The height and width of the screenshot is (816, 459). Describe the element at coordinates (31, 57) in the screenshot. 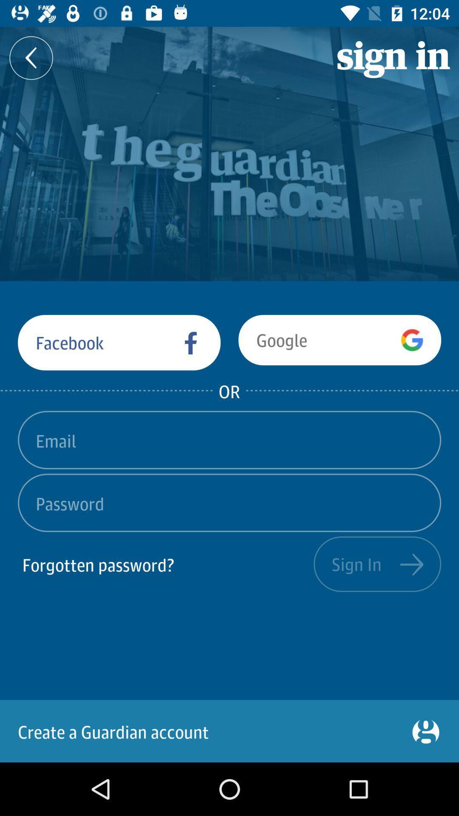

I see `go back` at that location.